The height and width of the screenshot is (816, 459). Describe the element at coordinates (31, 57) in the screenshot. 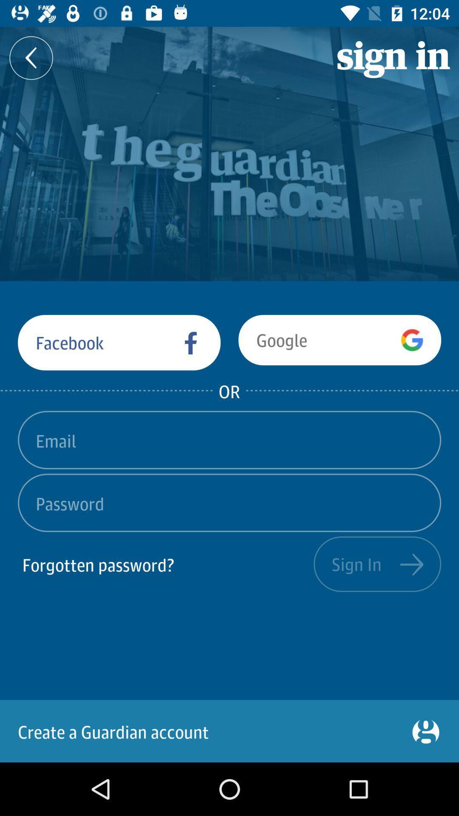

I see `go back` at that location.